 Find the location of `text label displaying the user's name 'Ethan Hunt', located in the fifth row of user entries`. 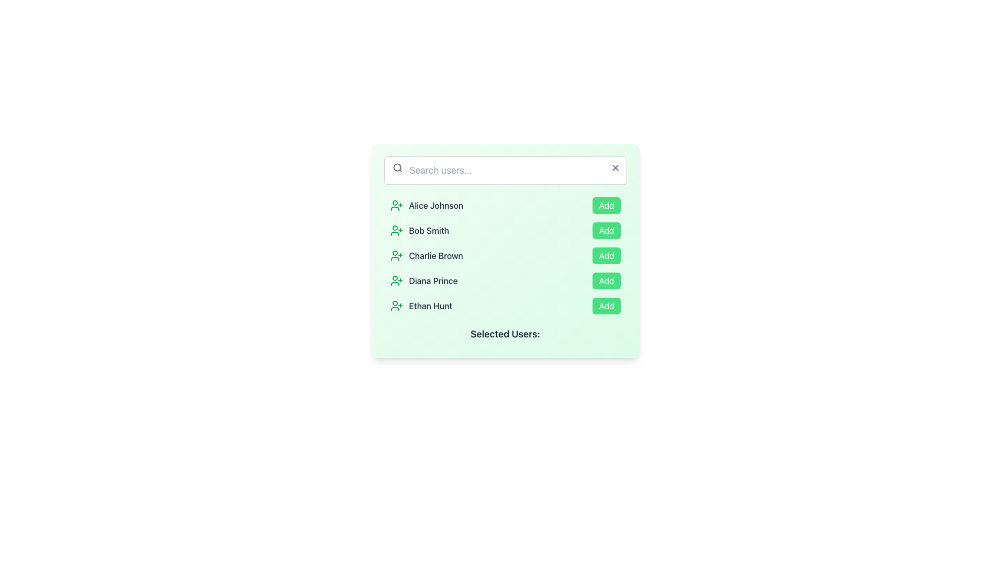

text label displaying the user's name 'Ethan Hunt', located in the fifth row of user entries is located at coordinates (430, 306).